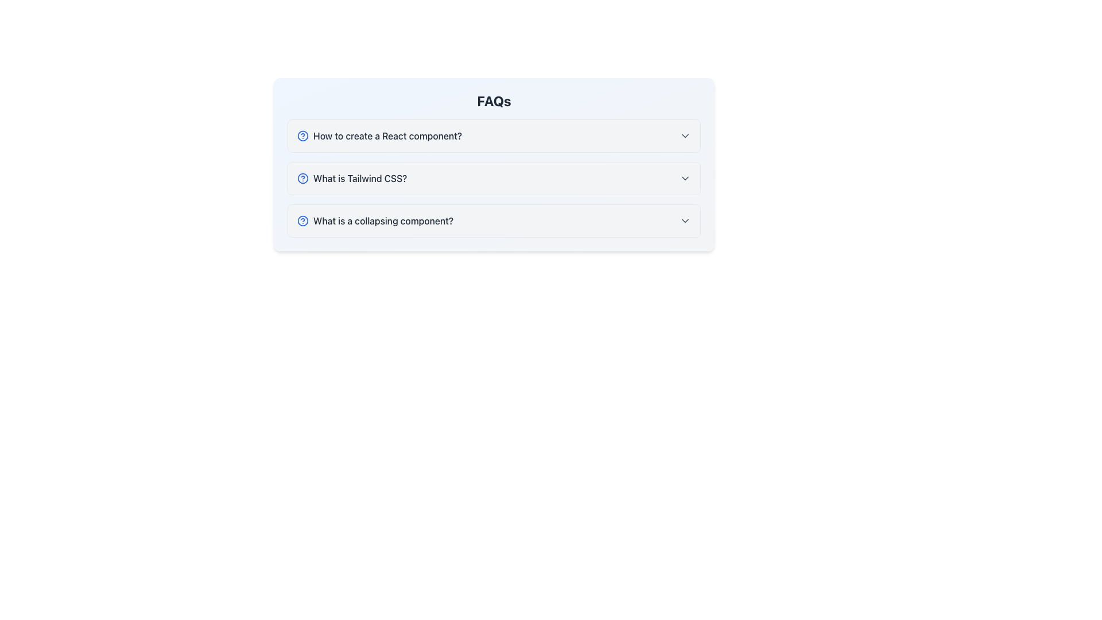 This screenshot has width=1102, height=620. Describe the element at coordinates (685, 179) in the screenshot. I see `the downward chevron icon in the rightmost portion of the row labeled 'What is Tailwind CSS?'` at that location.